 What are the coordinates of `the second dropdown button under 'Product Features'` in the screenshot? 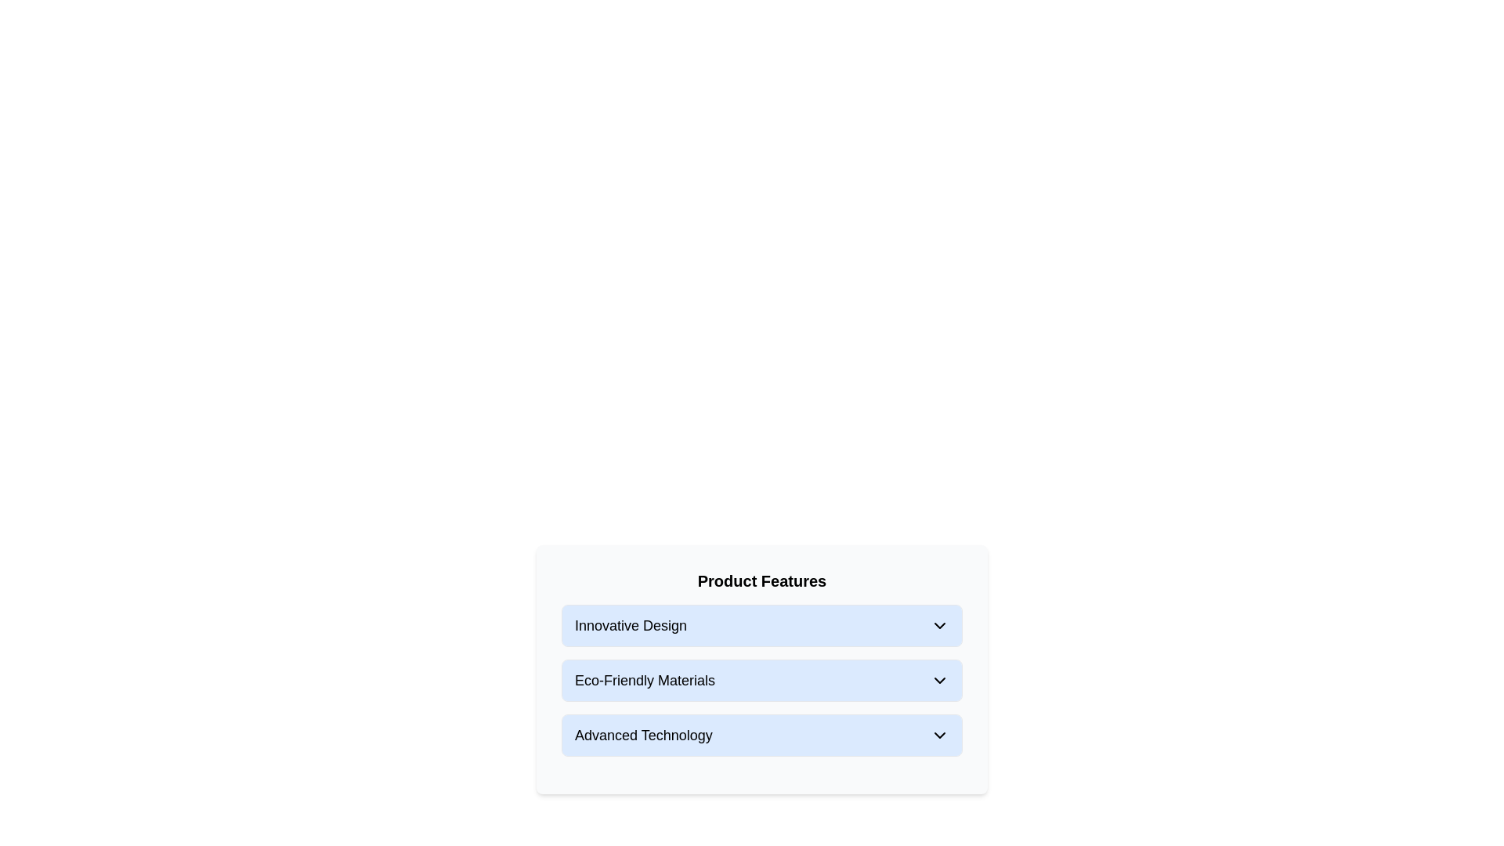 It's located at (762, 679).